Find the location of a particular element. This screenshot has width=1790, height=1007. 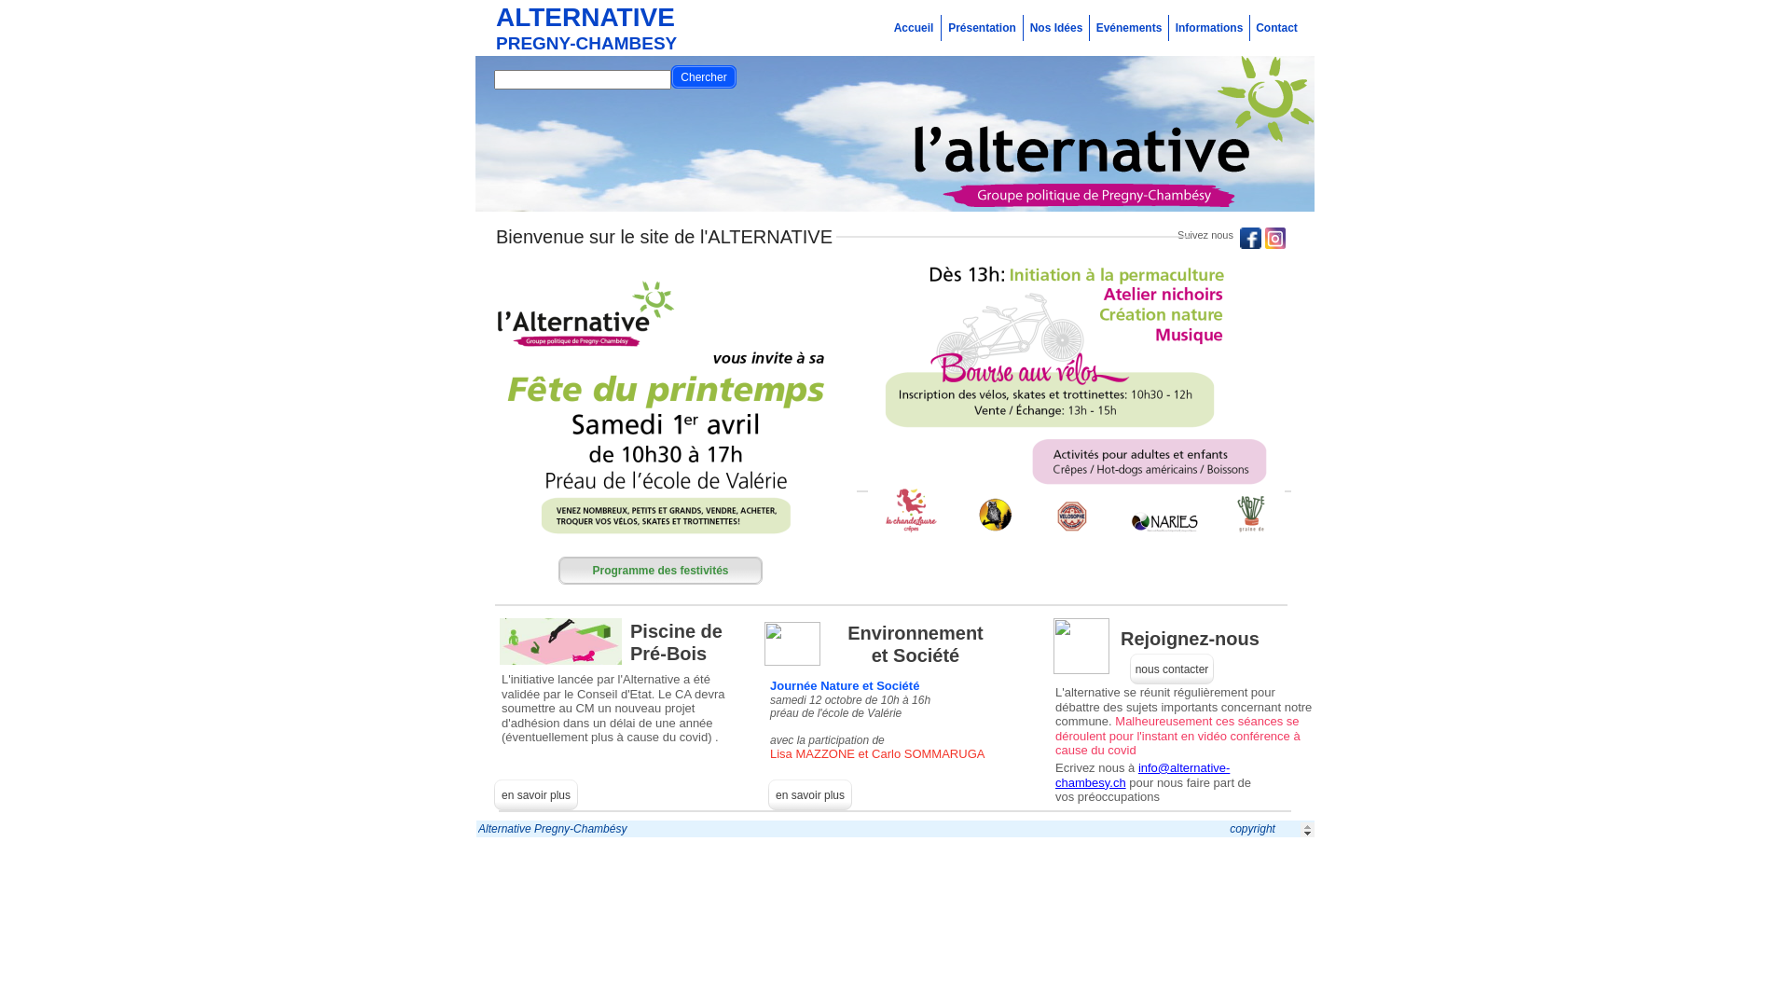

'nous contacter' is located at coordinates (1128, 668).